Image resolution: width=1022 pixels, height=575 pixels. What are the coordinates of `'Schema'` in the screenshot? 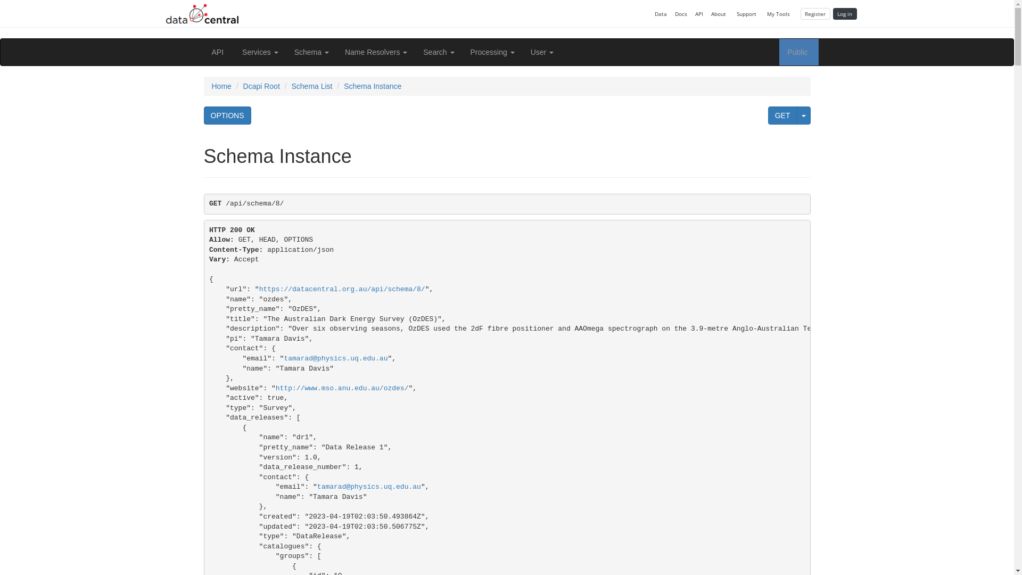 It's located at (311, 52).